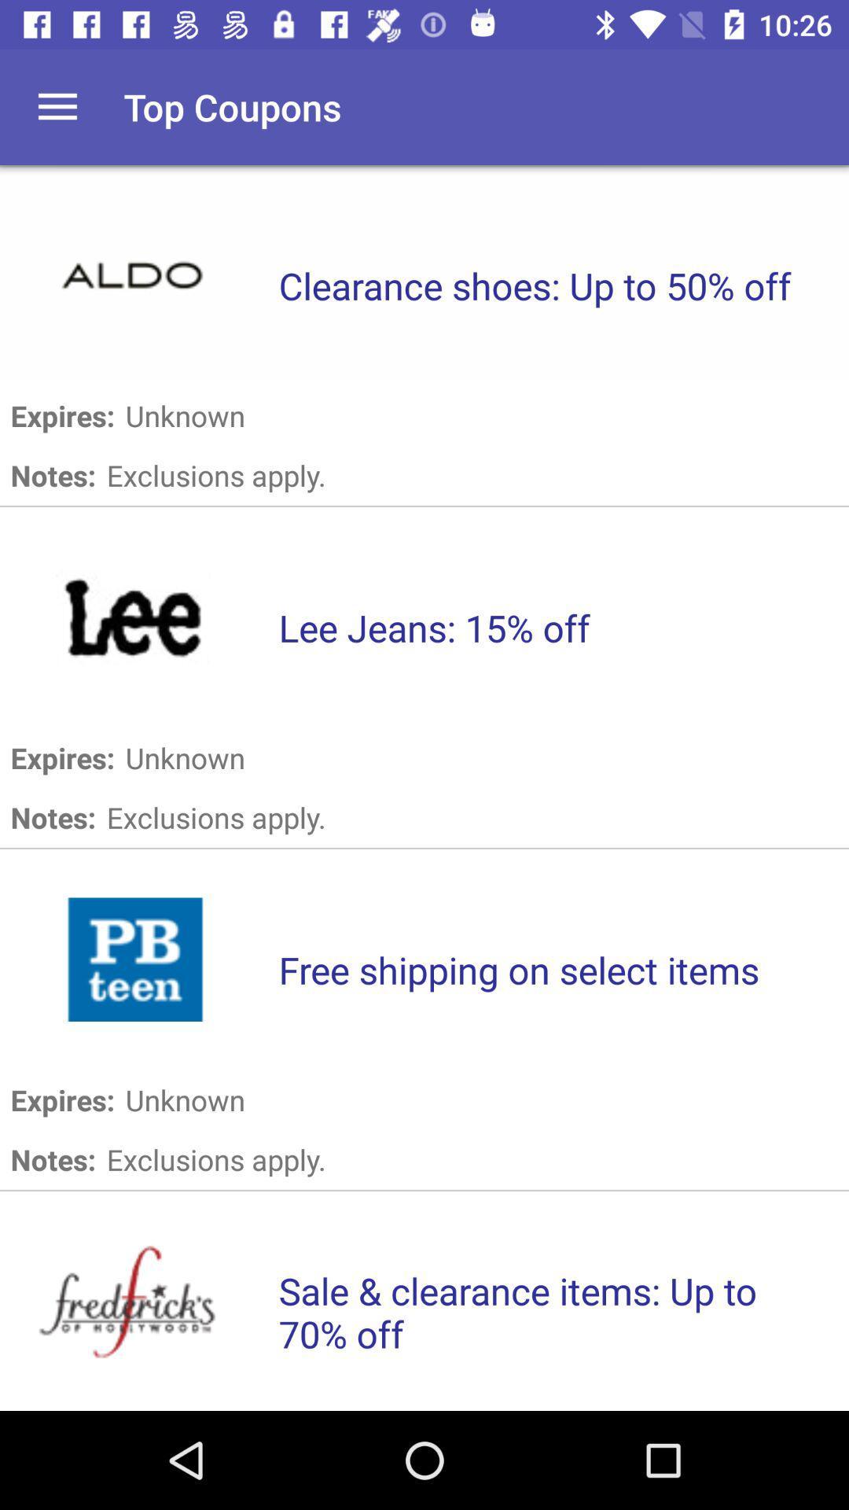  What do you see at coordinates (57, 106) in the screenshot?
I see `open main menu` at bounding box center [57, 106].